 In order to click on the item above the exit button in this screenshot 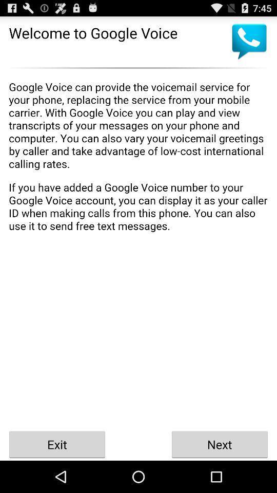, I will do `click(138, 250)`.